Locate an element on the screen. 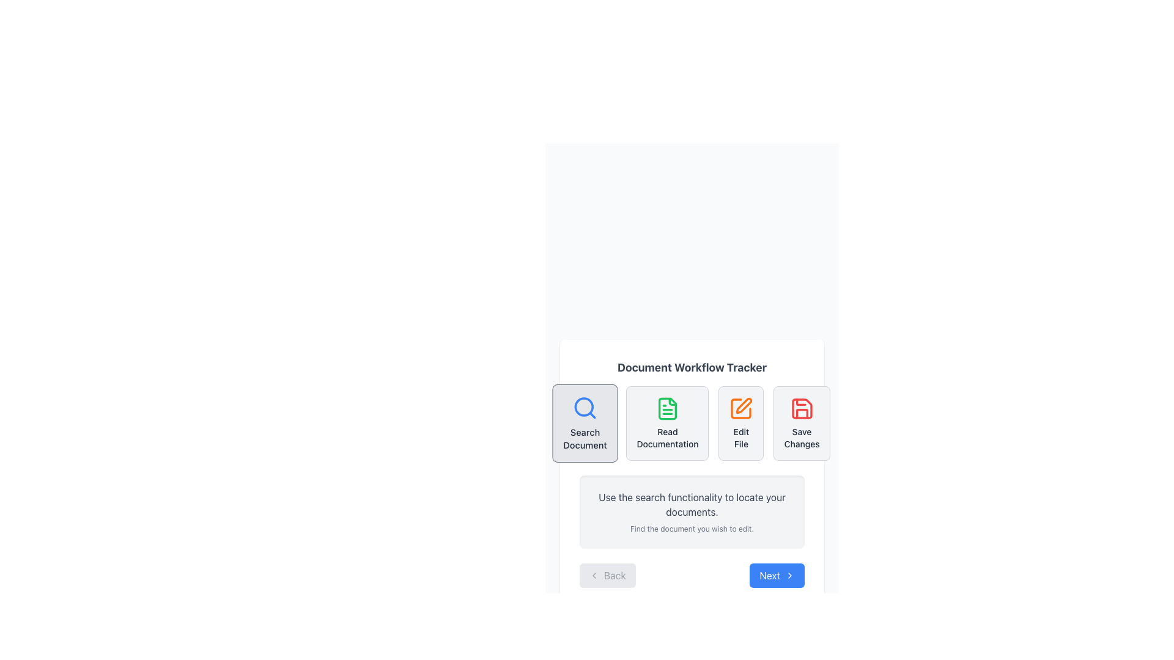 The width and height of the screenshot is (1174, 660). the red floppy disk icon button located as the fourth and rightmost item in the set of four icons below the 'Document Workflow Tracker' heading is located at coordinates (802, 408).